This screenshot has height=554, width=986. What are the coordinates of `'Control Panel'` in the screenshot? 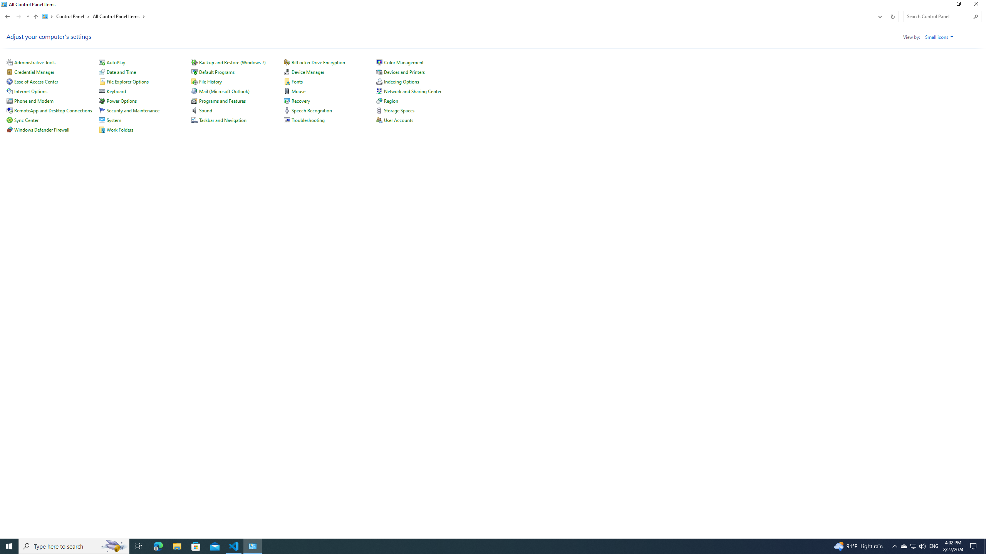 It's located at (72, 16).